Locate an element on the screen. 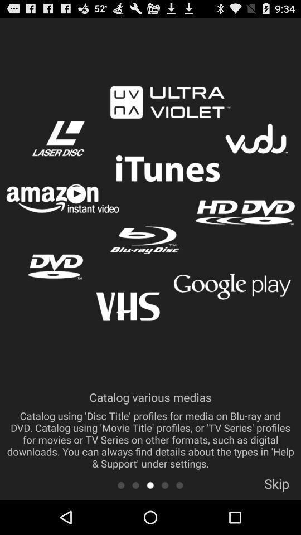 This screenshot has width=301, height=535. back to is located at coordinates (120, 484).